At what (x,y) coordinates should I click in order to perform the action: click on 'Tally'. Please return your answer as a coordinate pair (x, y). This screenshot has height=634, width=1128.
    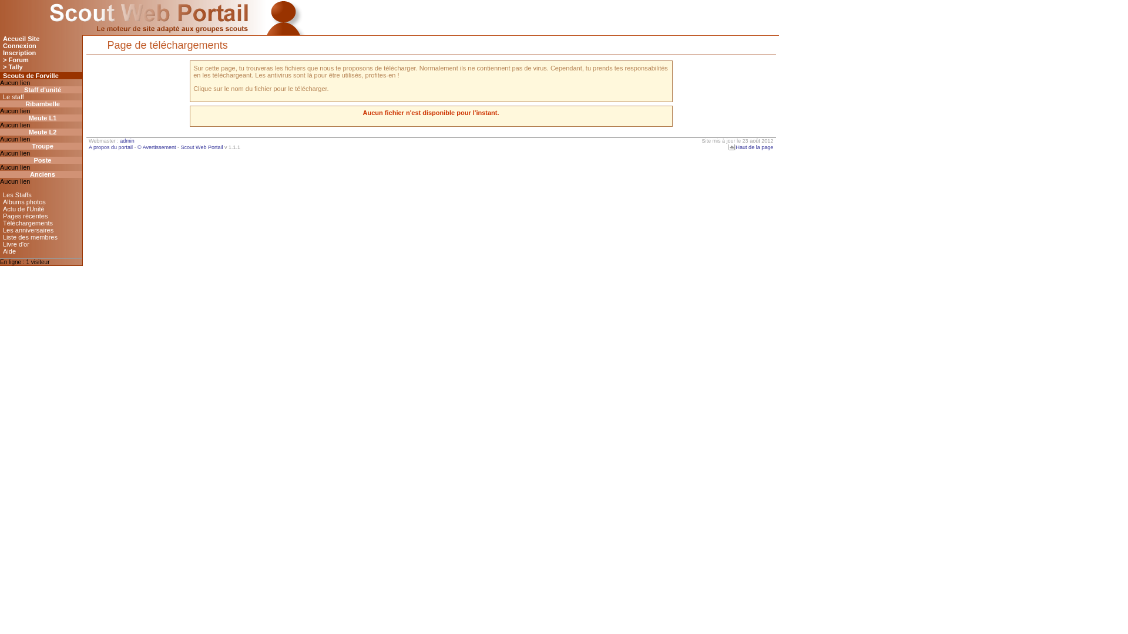
    Looking at the image, I should click on (0, 67).